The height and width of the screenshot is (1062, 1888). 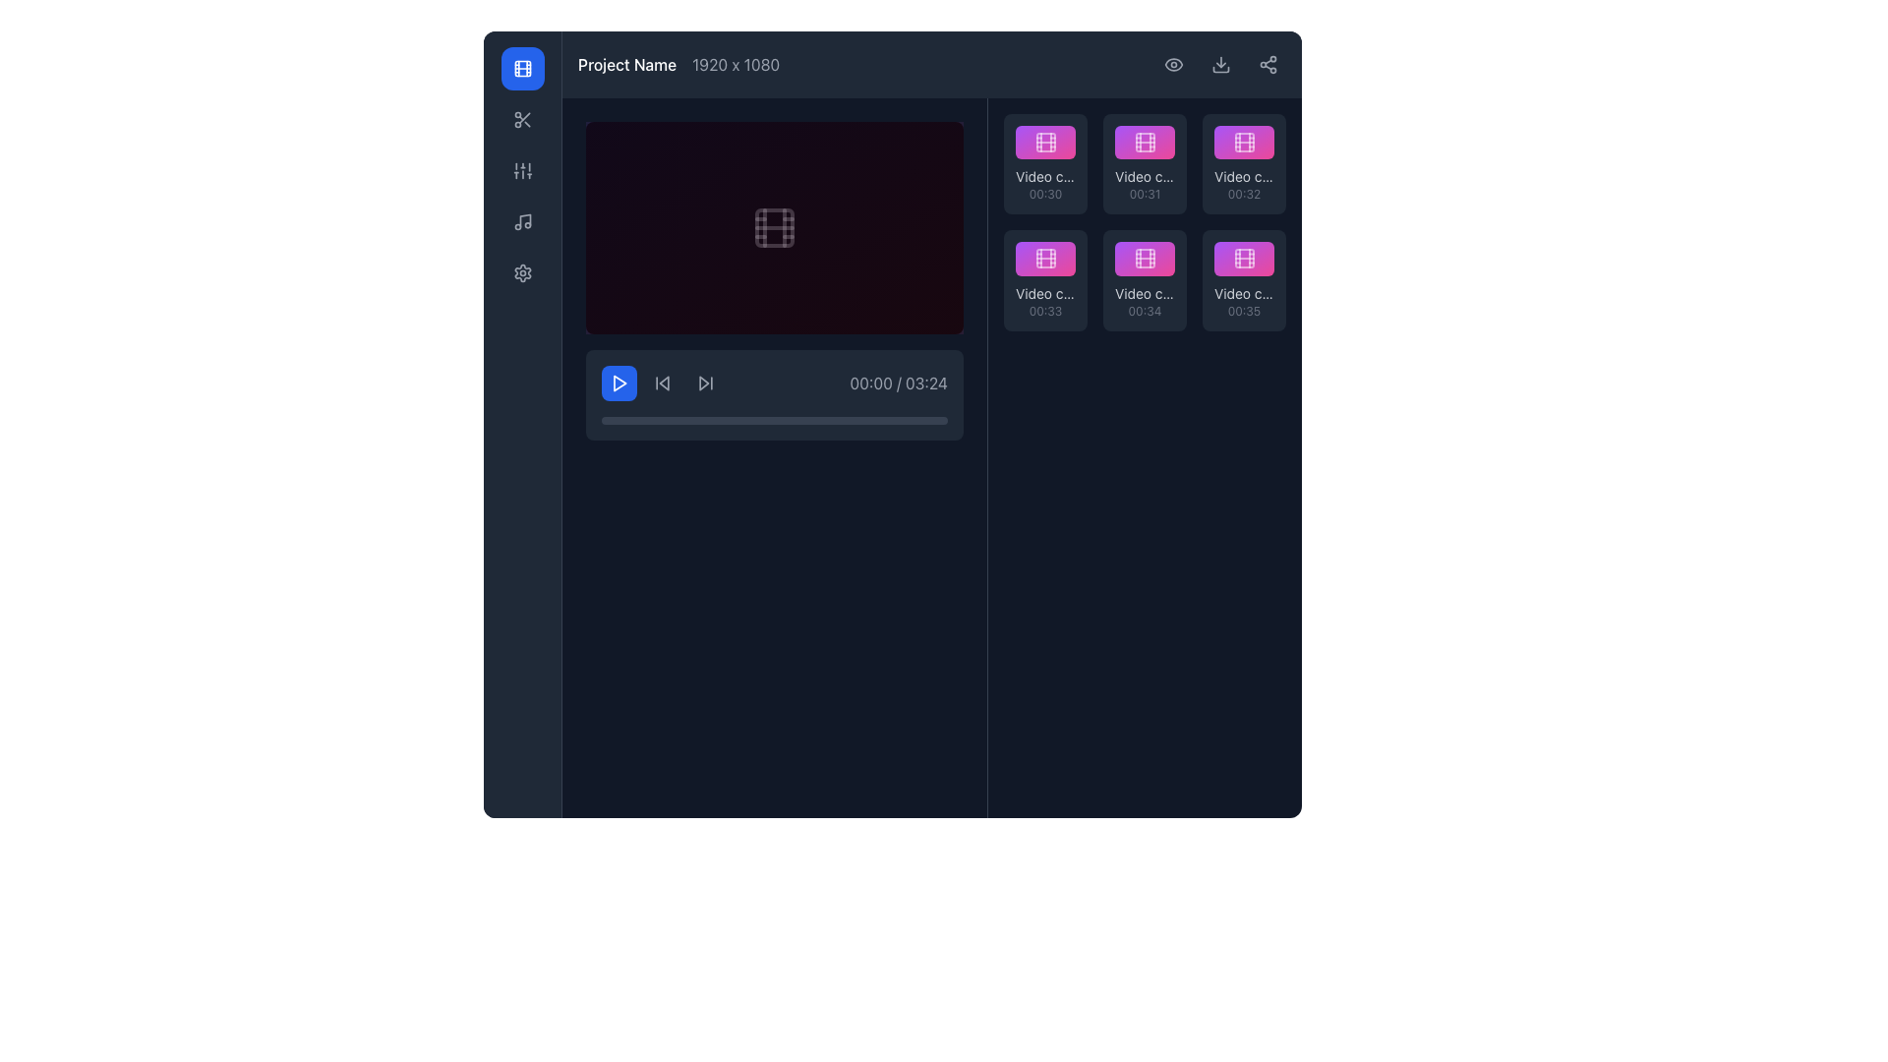 What do you see at coordinates (678, 63) in the screenshot?
I see `the 'Project Name' text label that displays '1920 x 1080' in a lighter gray color, located in the upper-left part of the dark-themed interface` at bounding box center [678, 63].